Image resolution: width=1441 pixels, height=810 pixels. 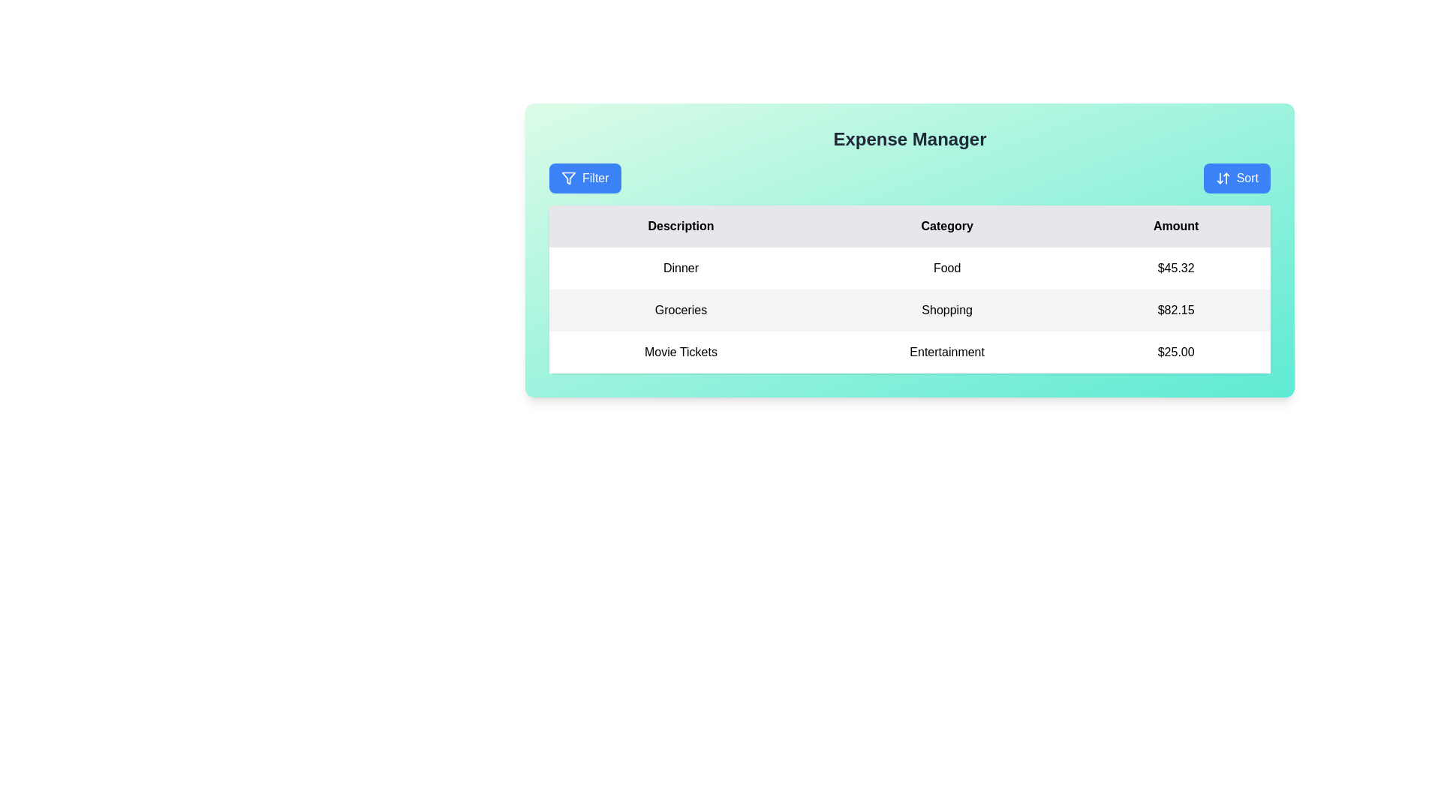 I want to click on the Static text element displaying 'Food' in the second position under the 'Category' column in the first row of the table, so click(x=946, y=268).